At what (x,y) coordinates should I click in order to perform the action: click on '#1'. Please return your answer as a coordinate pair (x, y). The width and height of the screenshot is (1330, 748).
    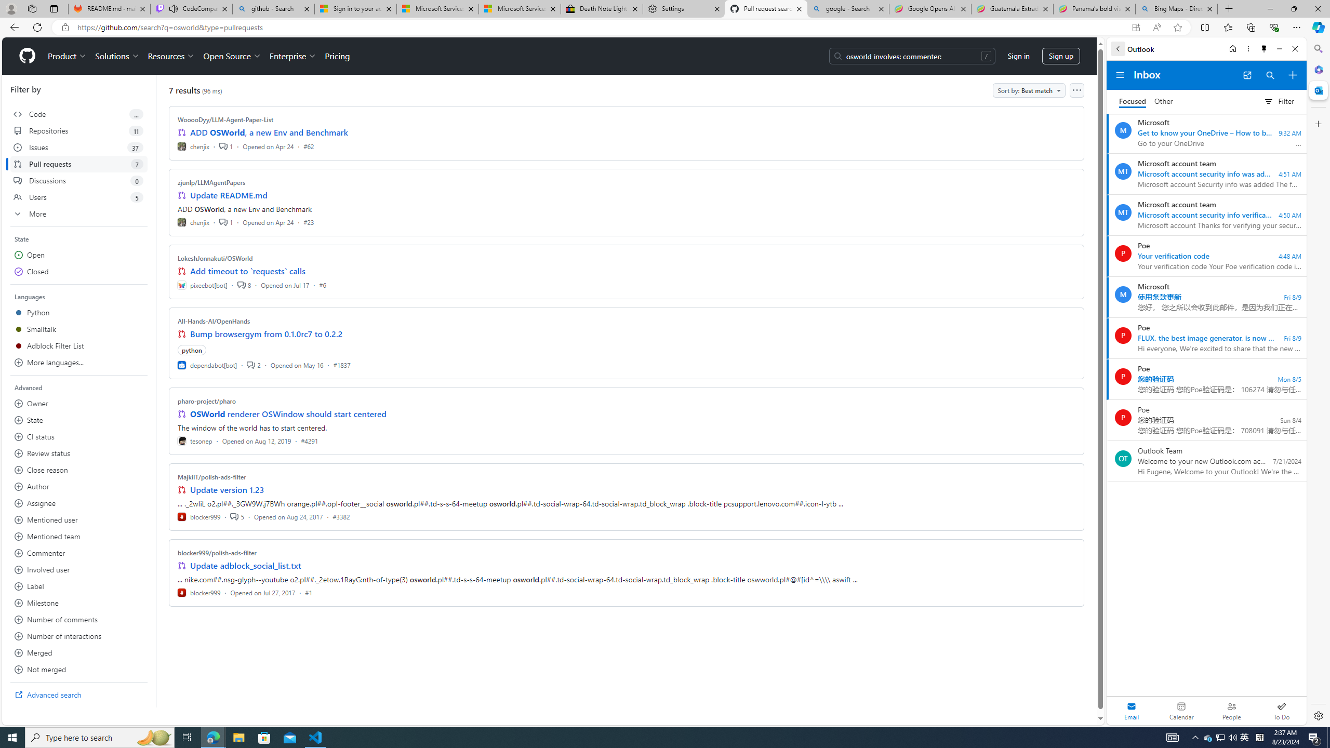
    Looking at the image, I should click on (308, 592).